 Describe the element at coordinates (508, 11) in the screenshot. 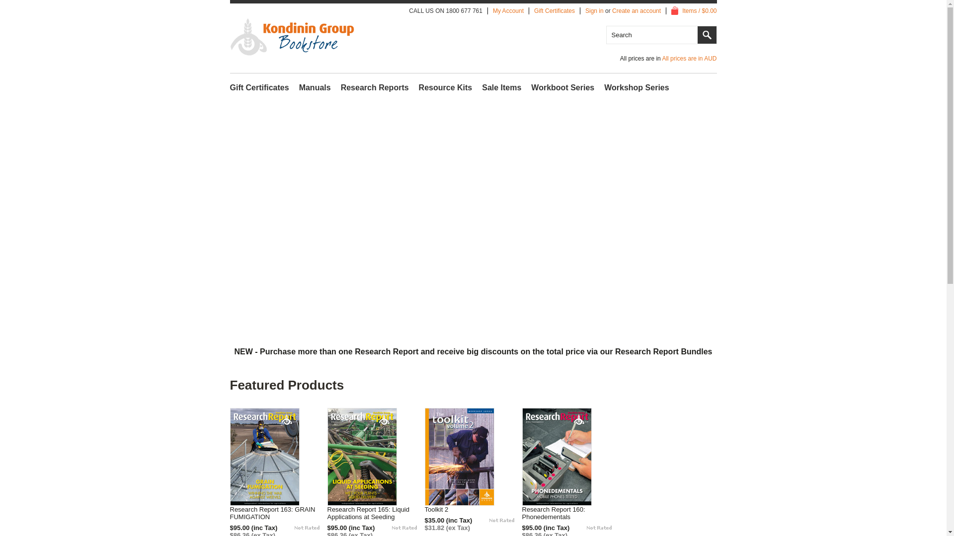

I see `'My Account'` at that location.